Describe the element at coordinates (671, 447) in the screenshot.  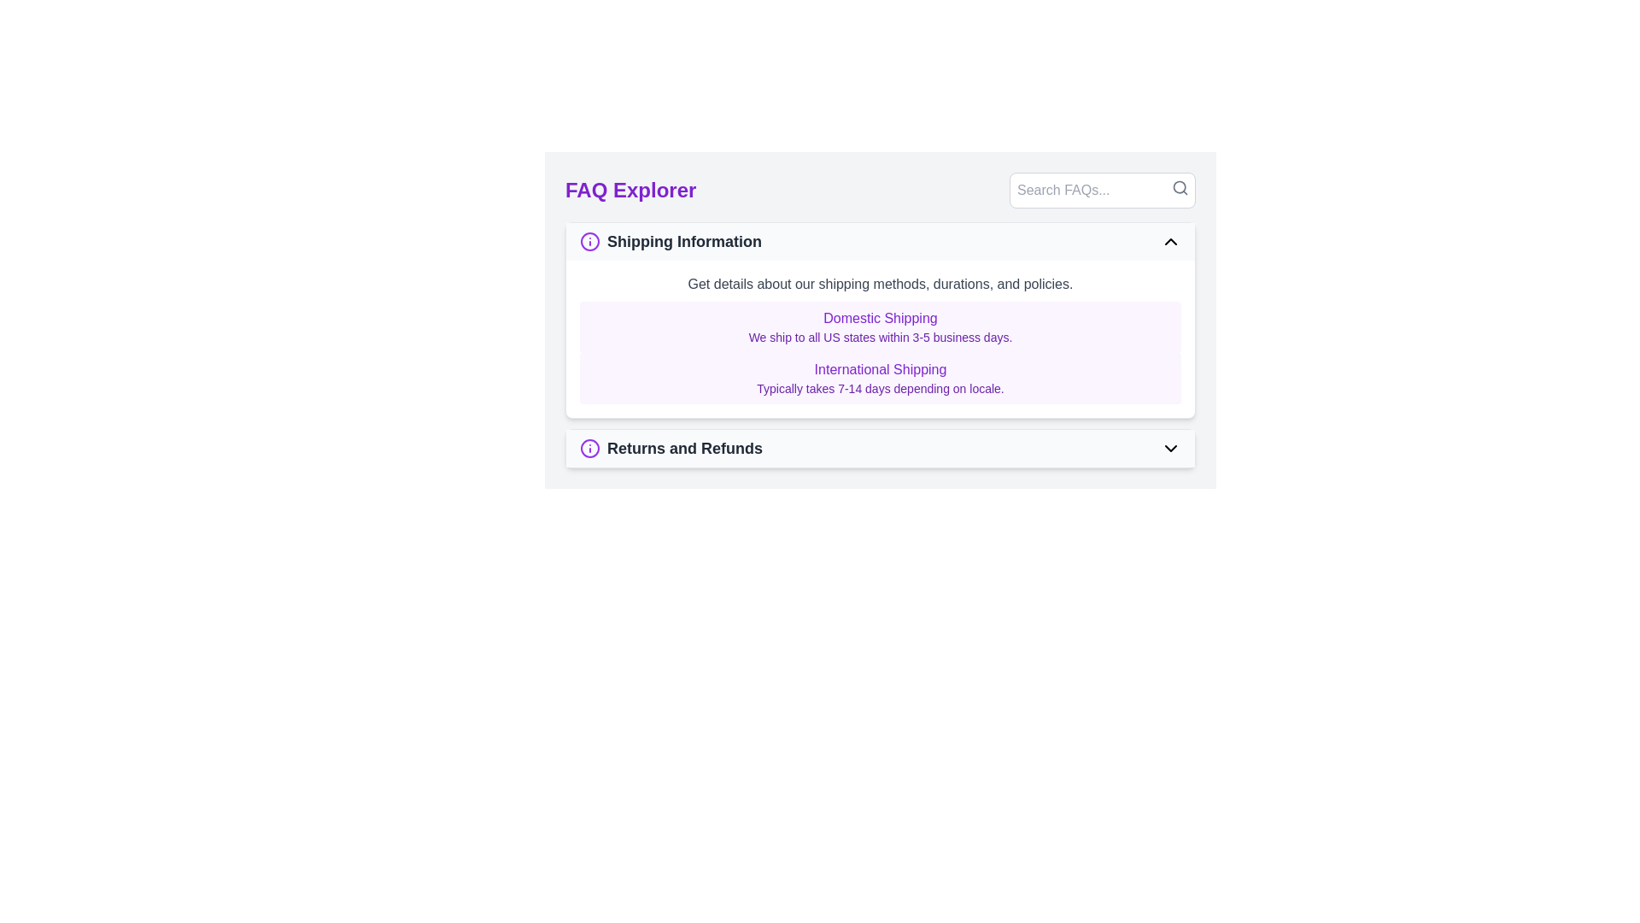
I see `the non-interactive text label indicating the returns and refunds section, located under the 'Shipping Information' section in the FAQ Explorer interface` at that location.